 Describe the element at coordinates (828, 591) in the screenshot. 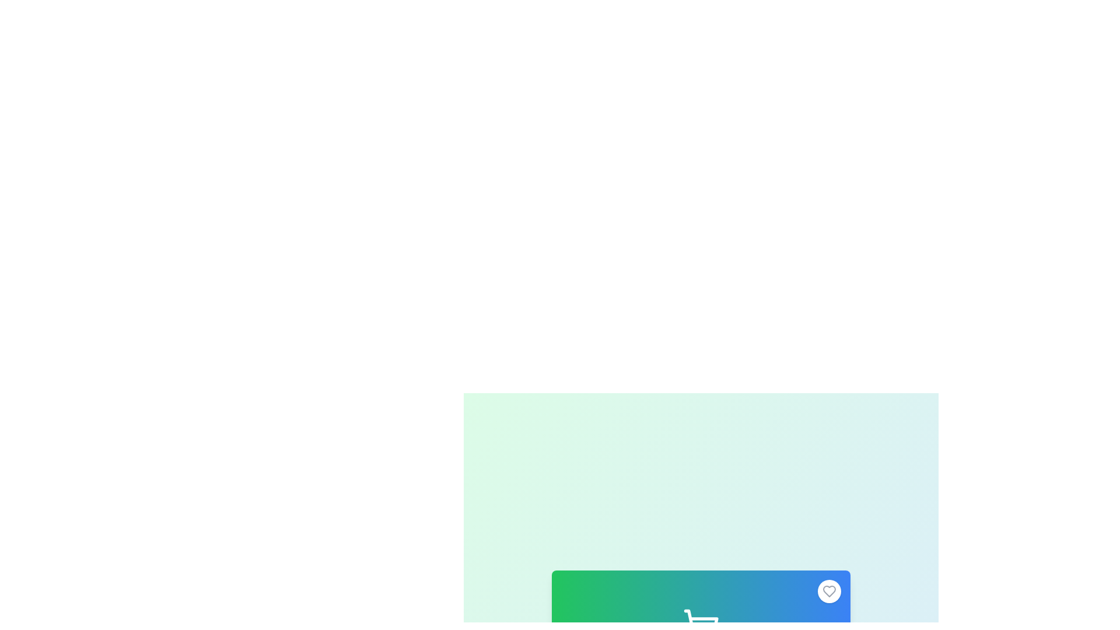

I see `the heart icon located` at that location.